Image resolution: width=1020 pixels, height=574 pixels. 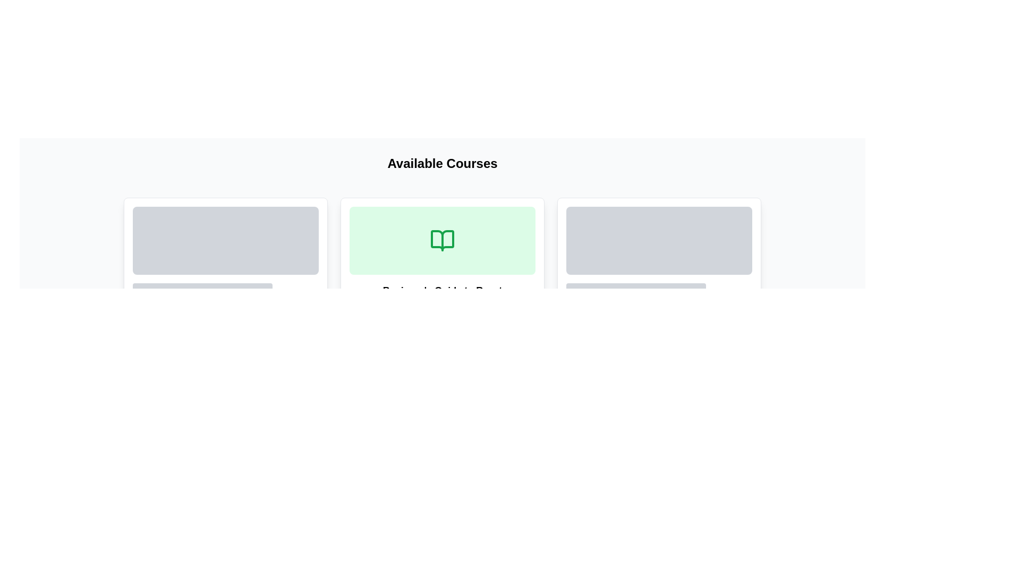 I want to click on the right side of the open book icon in the 'Available Courses' section, which represents course material or a learning resource, so click(x=443, y=240).